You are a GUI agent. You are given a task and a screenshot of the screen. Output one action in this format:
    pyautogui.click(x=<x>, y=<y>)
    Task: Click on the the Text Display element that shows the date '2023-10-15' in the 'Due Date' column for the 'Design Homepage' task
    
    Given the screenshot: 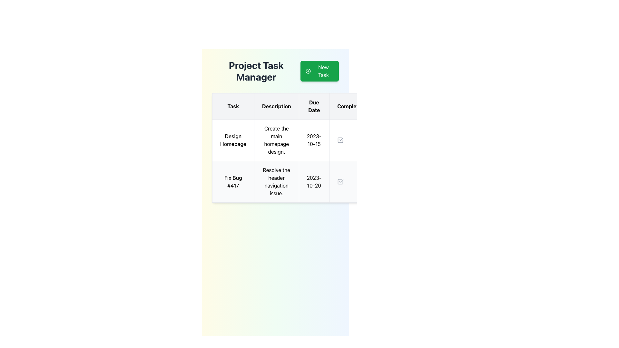 What is the action you would take?
    pyautogui.click(x=314, y=140)
    